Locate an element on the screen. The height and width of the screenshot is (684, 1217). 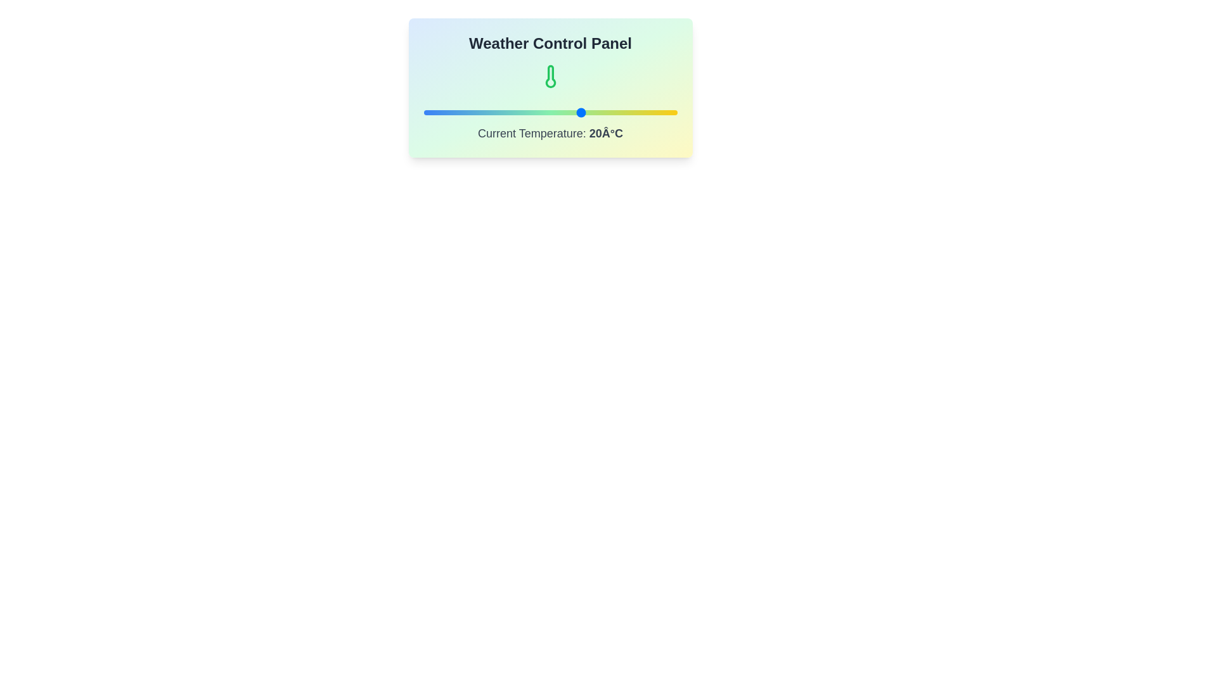
the temperature slider to -7°C to observe the icon change is located at coordinates (496, 111).